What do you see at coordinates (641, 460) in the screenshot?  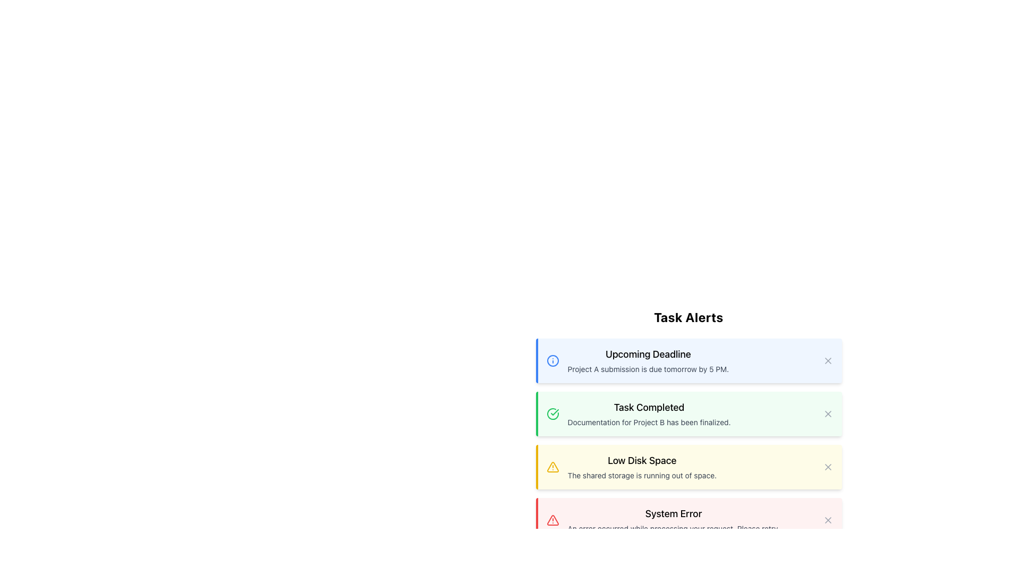 I see `the header text element reading 'Low Disk Space' in the yellow notification alert, which is bold and larger than the following text` at bounding box center [641, 460].